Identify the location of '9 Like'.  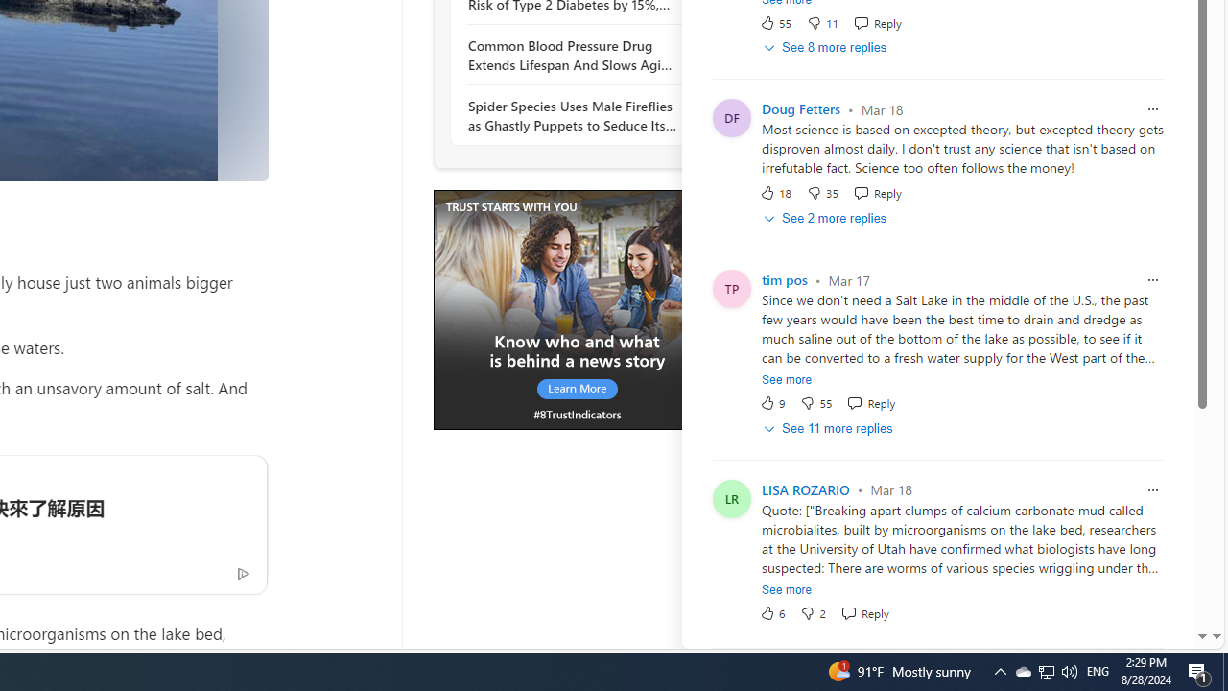
(772, 402).